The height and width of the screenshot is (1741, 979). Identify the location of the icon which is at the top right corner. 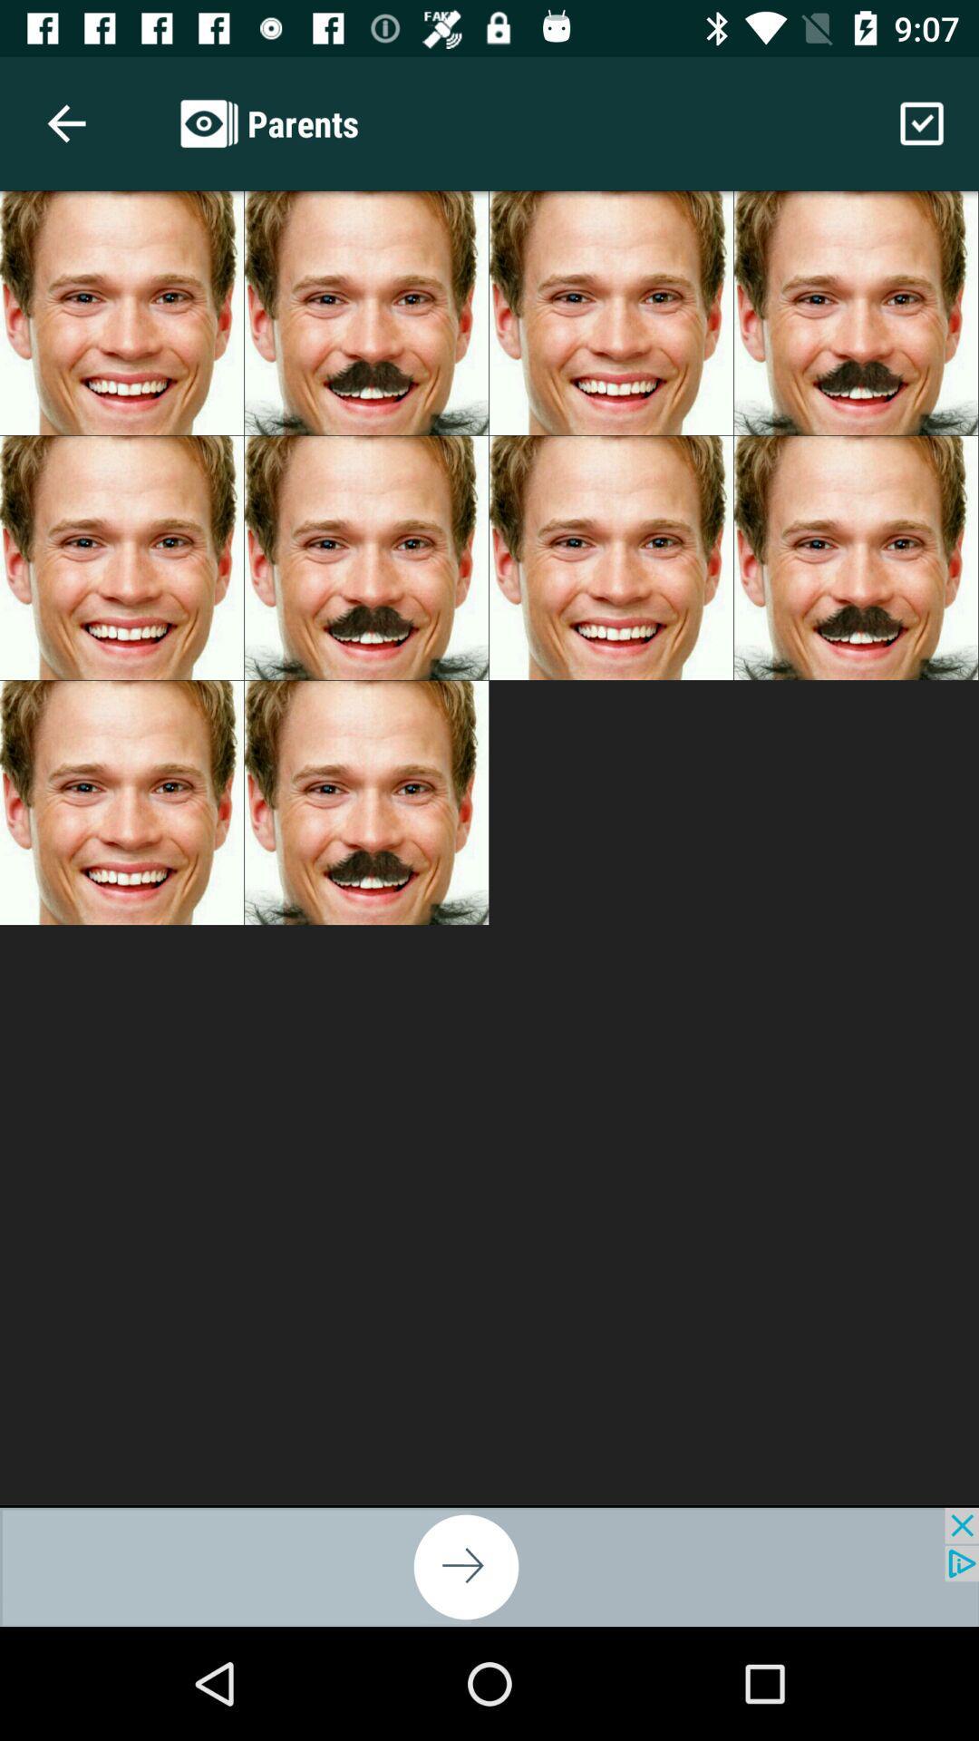
(922, 123).